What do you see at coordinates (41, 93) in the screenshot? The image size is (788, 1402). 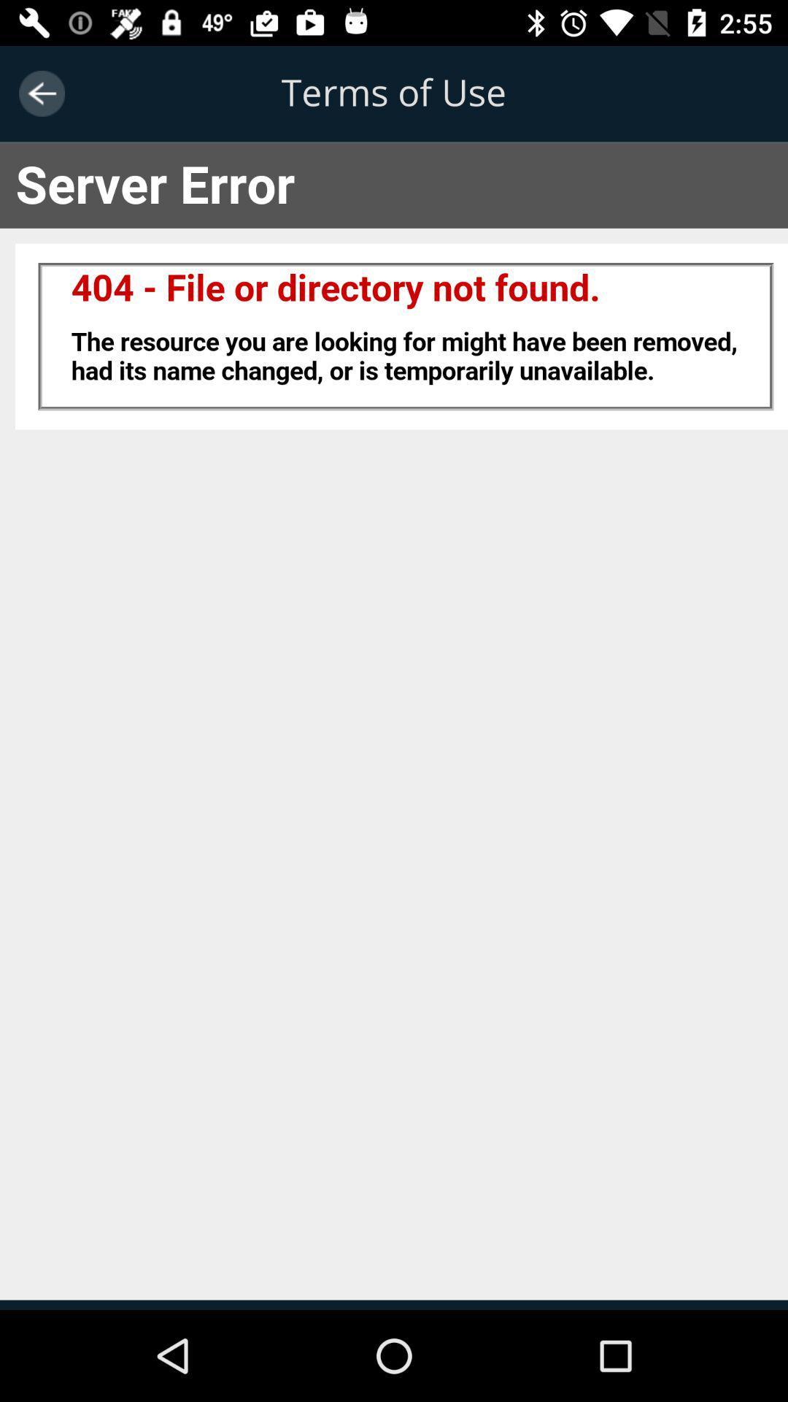 I see `the arrow_backward icon` at bounding box center [41, 93].